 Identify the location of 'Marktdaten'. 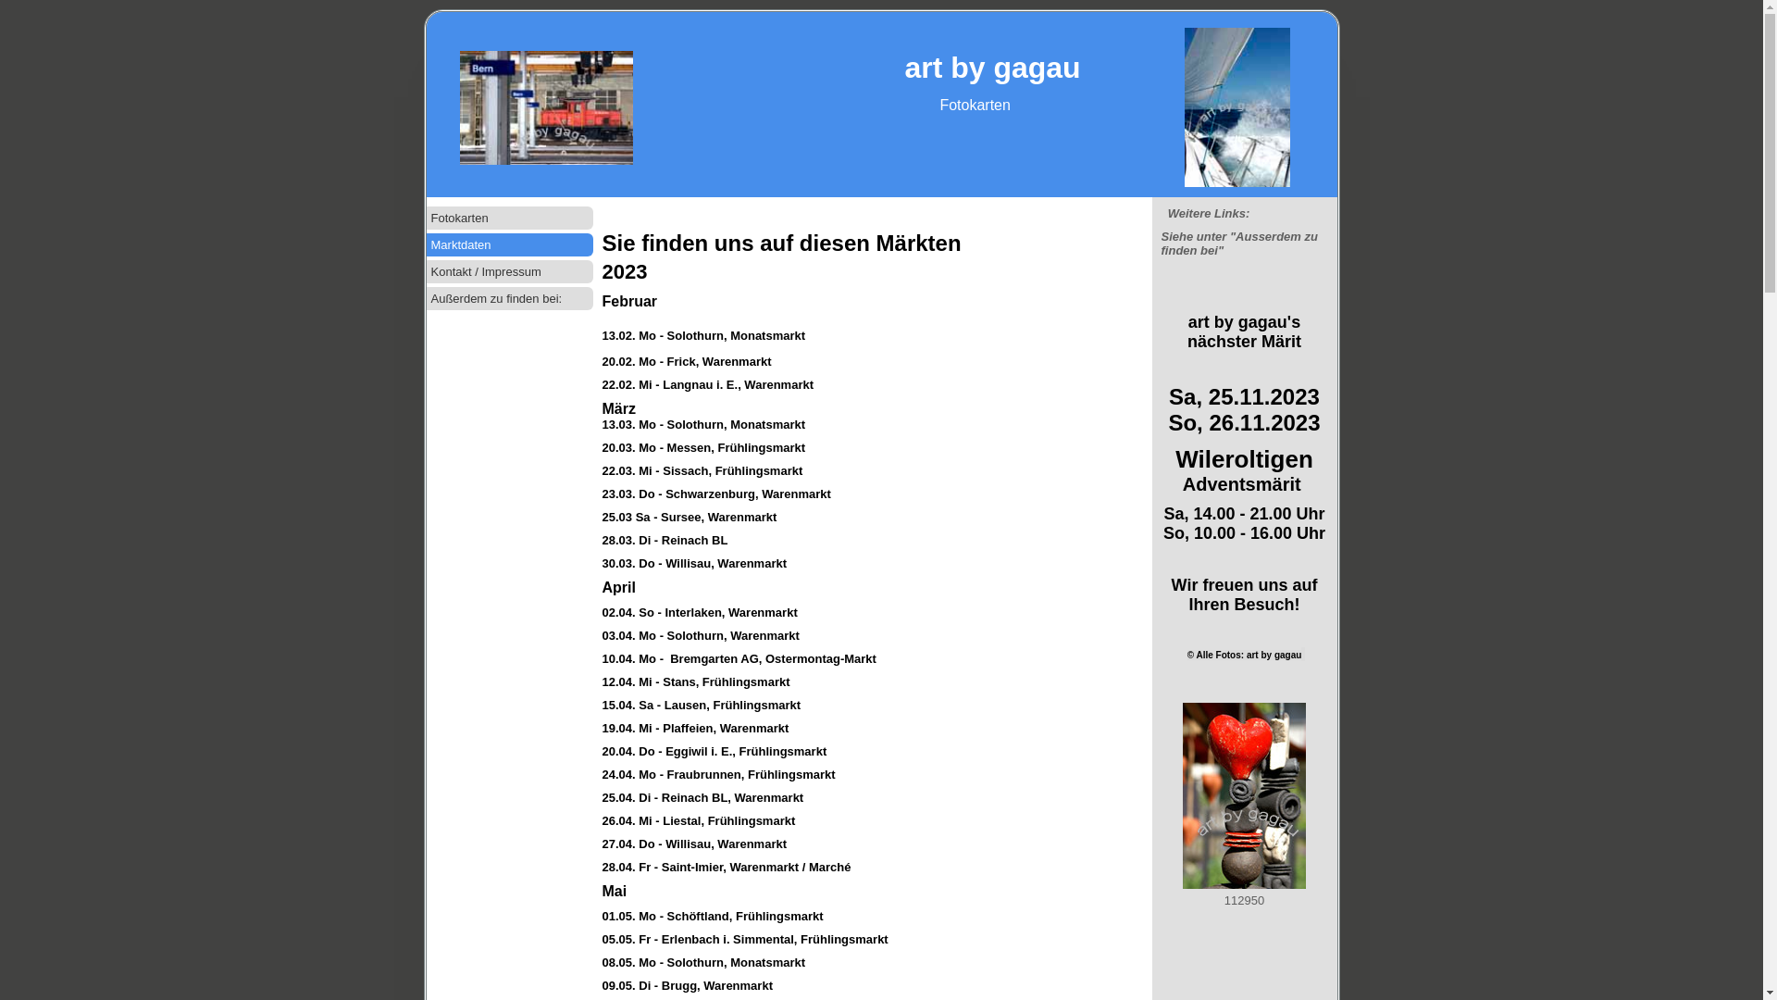
(509, 244).